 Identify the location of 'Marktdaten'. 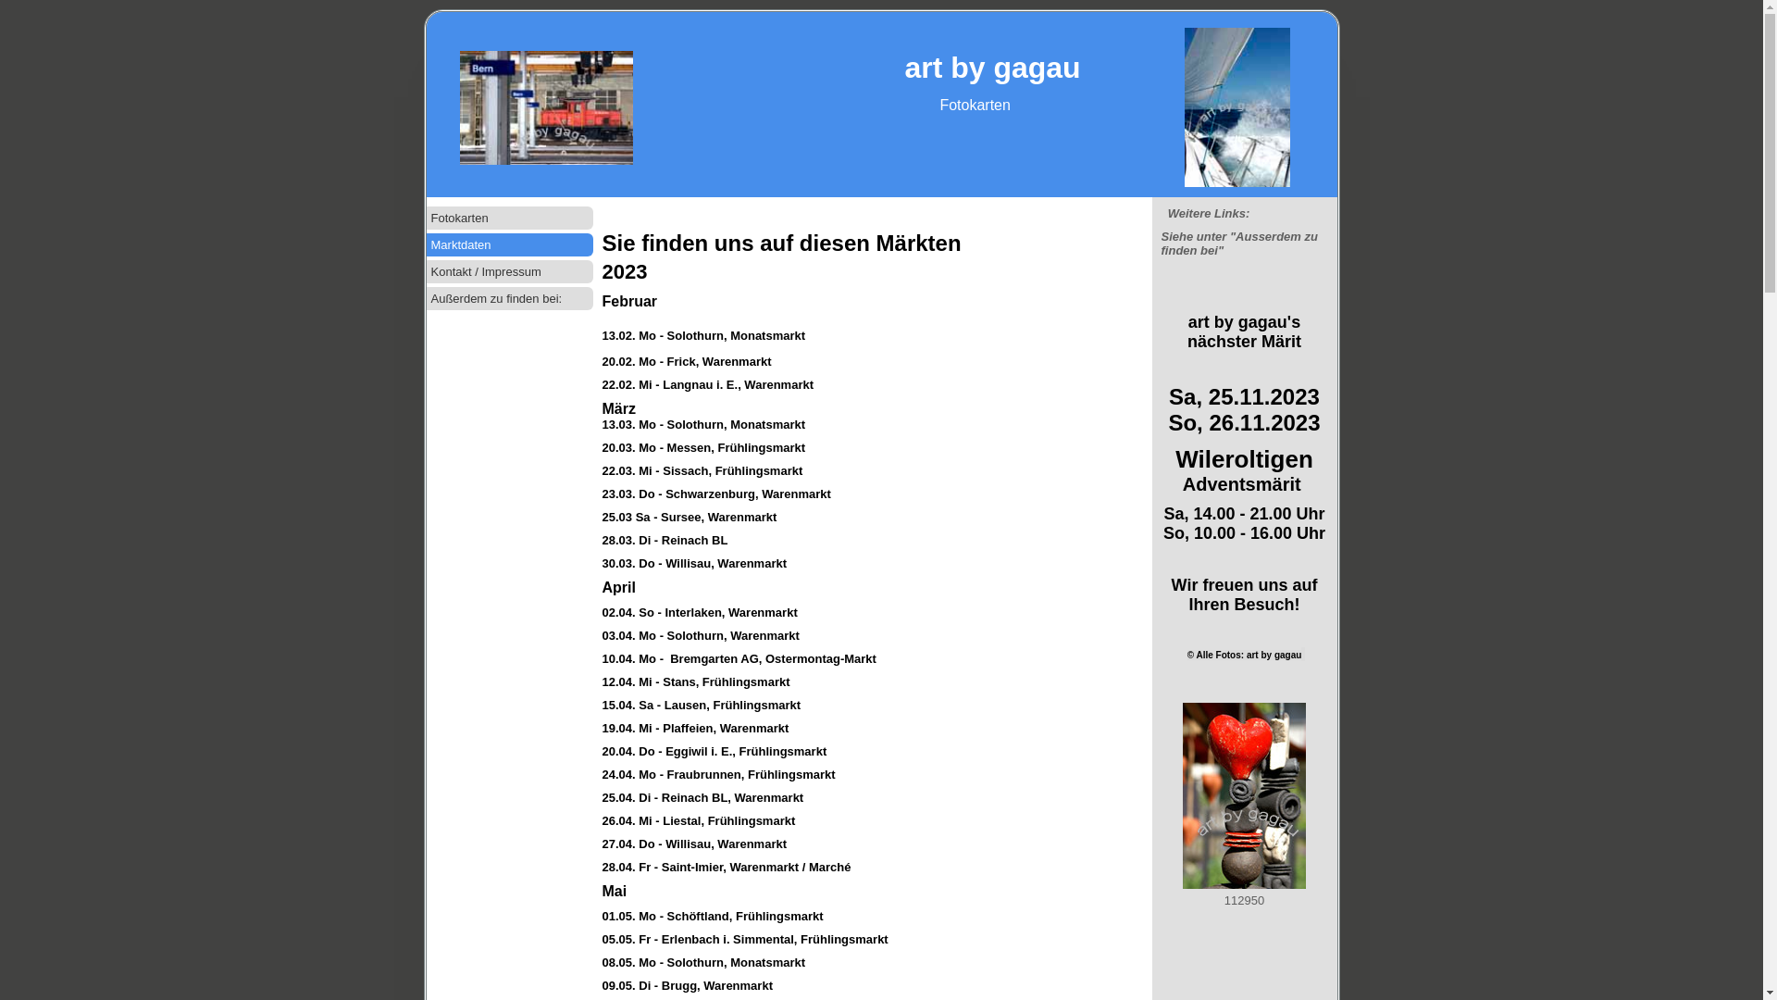
(509, 244).